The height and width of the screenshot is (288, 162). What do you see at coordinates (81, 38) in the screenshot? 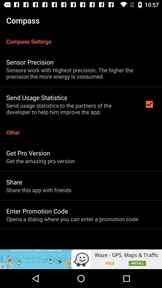
I see `the compass settings icon` at bounding box center [81, 38].